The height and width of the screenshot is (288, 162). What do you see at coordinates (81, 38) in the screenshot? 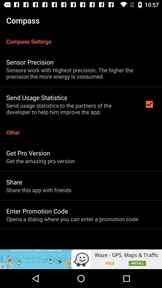
I see `the compass settings icon` at bounding box center [81, 38].